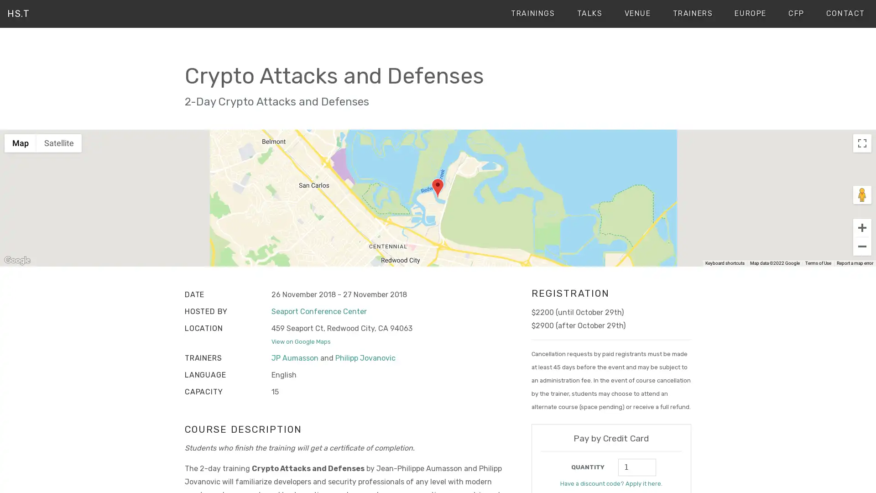 The image size is (876, 493). What do you see at coordinates (862, 142) in the screenshot?
I see `Toggle fullscreen view` at bounding box center [862, 142].